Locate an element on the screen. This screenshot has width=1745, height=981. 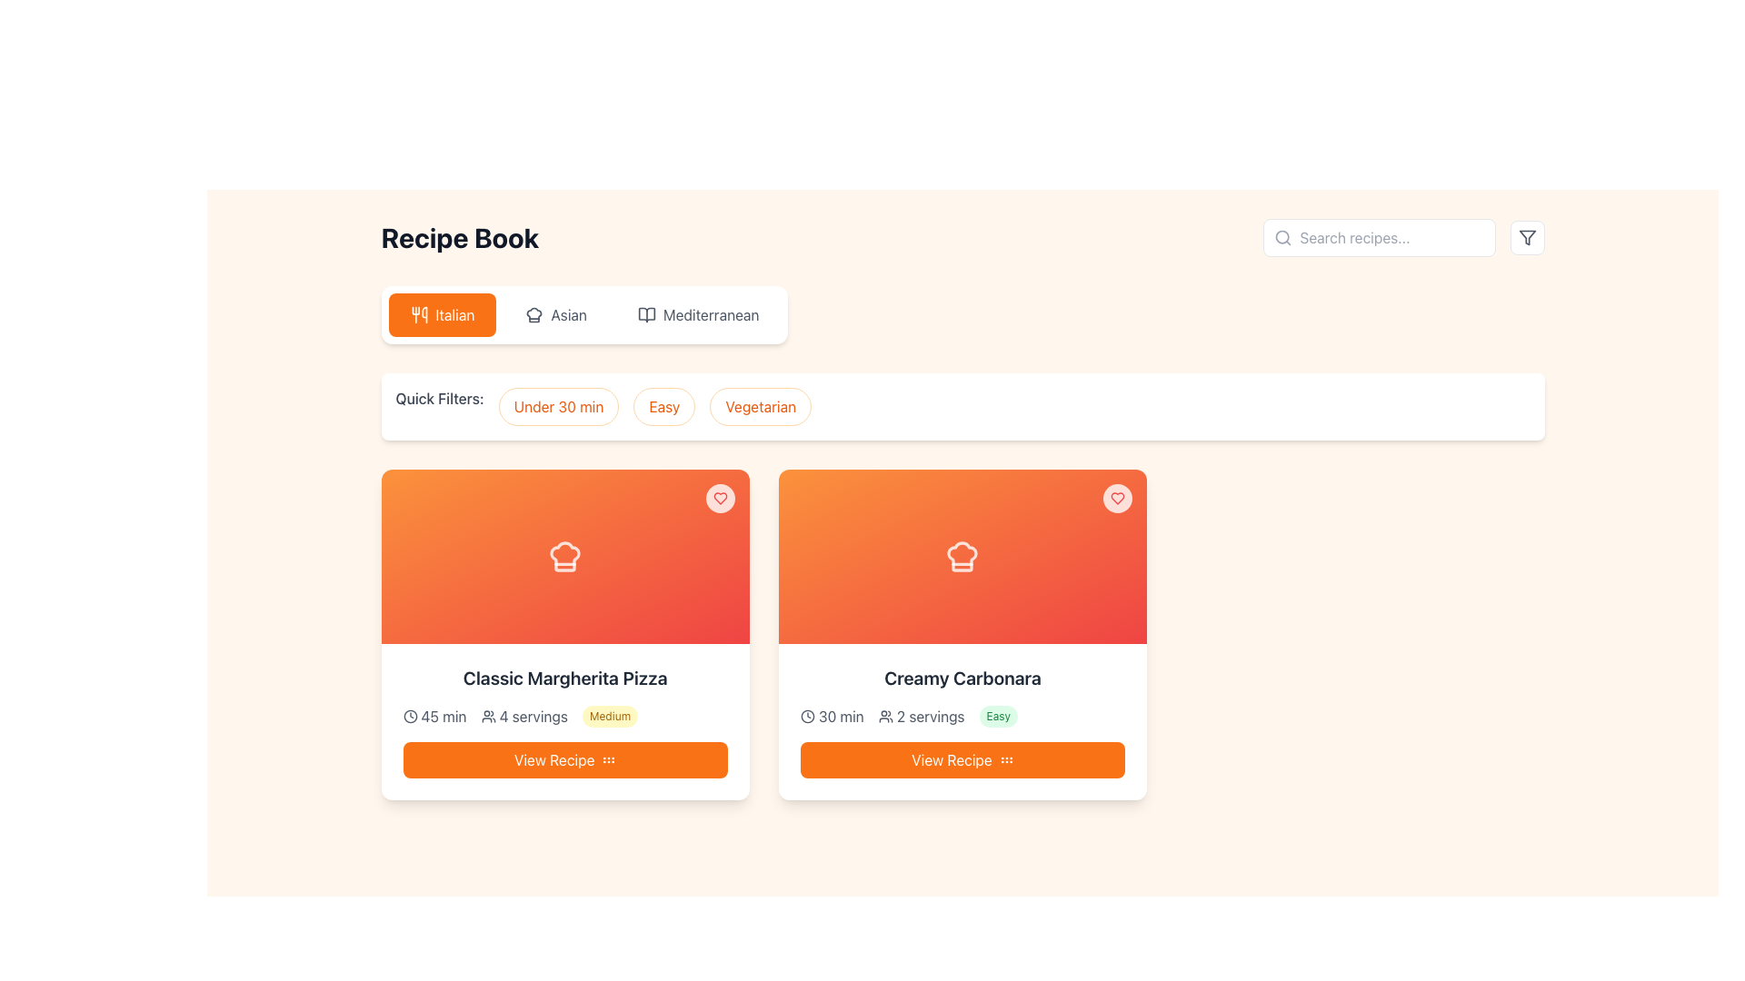
keyboard navigation is located at coordinates (663, 405).